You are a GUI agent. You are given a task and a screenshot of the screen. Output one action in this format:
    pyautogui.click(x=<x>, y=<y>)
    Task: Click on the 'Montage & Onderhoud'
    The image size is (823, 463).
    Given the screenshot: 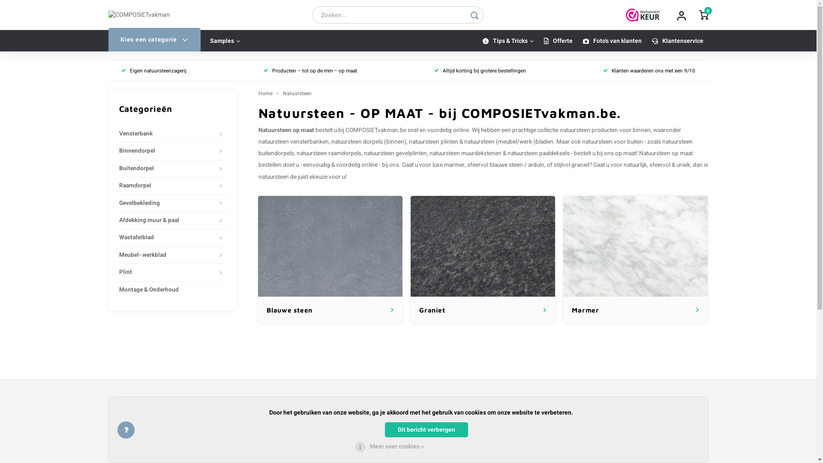 What is the action you would take?
    pyautogui.click(x=172, y=289)
    